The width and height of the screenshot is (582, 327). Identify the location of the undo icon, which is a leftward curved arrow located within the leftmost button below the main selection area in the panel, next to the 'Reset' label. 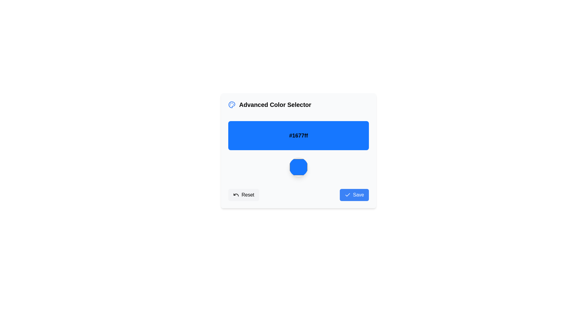
(236, 195).